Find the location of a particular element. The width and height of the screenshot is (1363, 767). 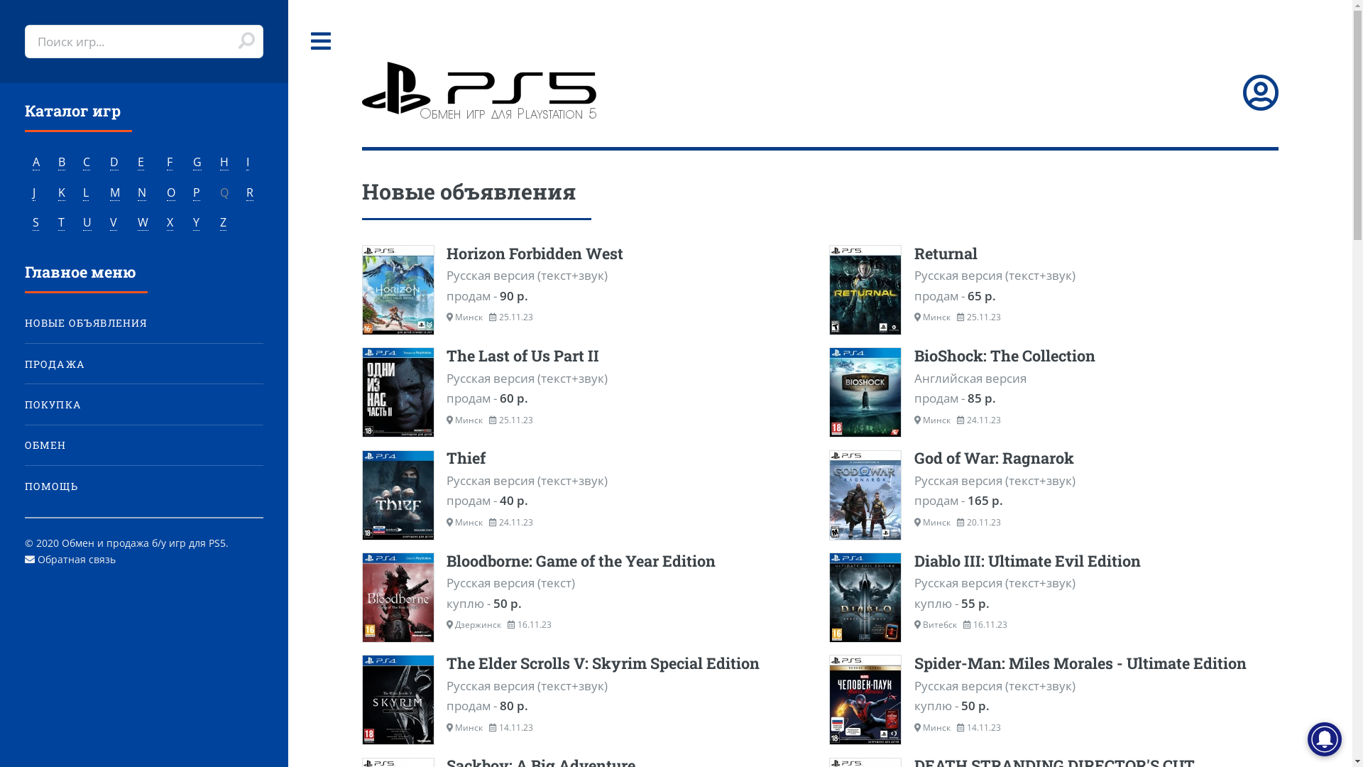

'R' is located at coordinates (249, 192).